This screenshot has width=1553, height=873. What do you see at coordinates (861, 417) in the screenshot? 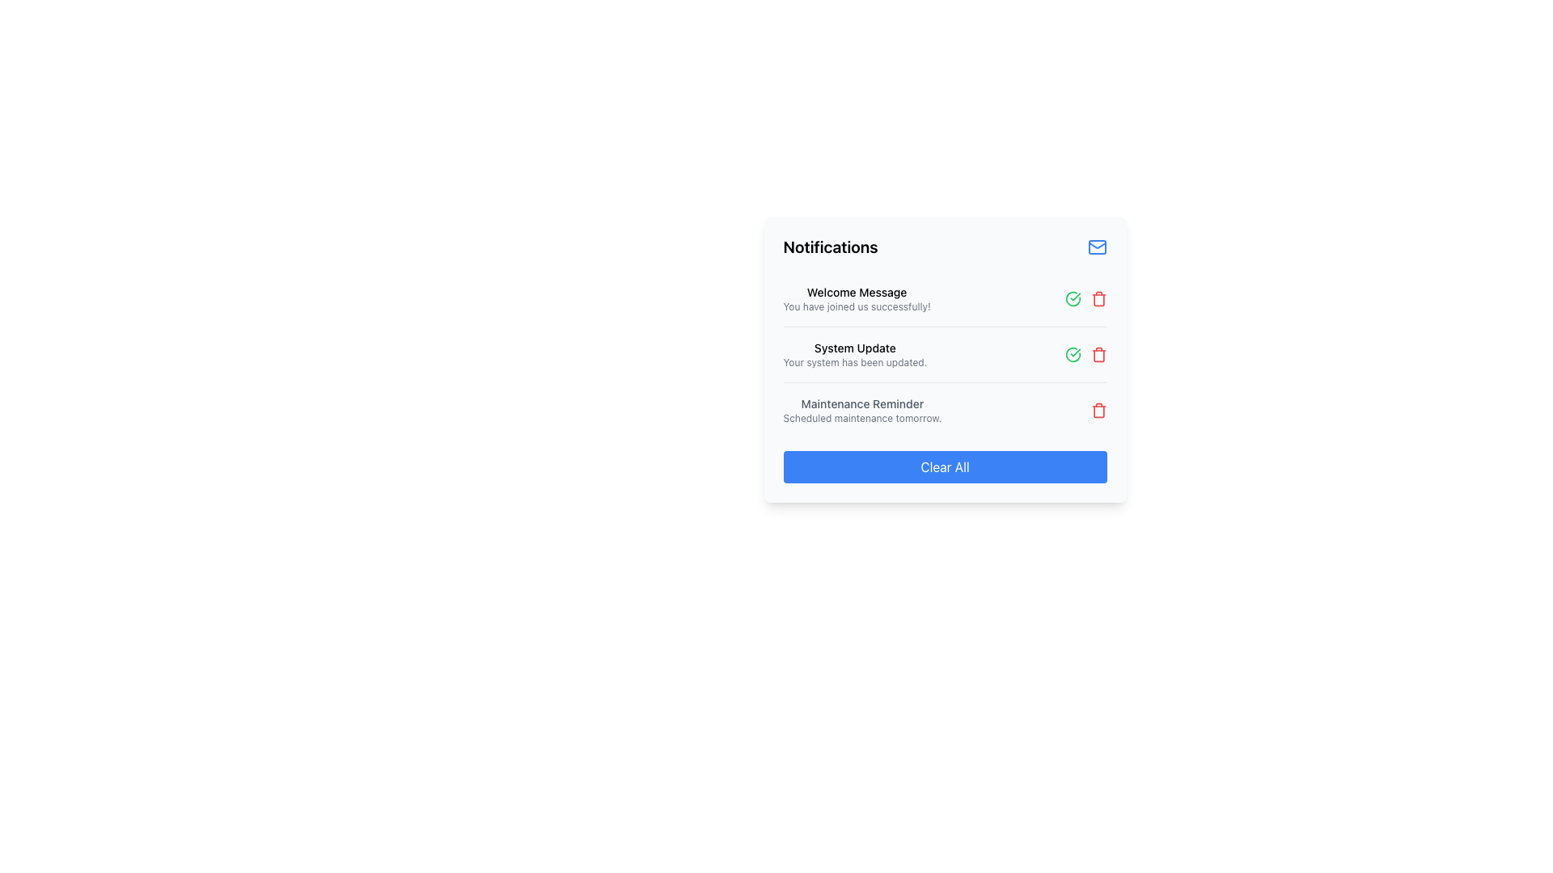
I see `the static text providing additional information about the scheduled maintenance event, located centrally below the 'Maintenance Reminder' text in the notification card` at bounding box center [861, 417].